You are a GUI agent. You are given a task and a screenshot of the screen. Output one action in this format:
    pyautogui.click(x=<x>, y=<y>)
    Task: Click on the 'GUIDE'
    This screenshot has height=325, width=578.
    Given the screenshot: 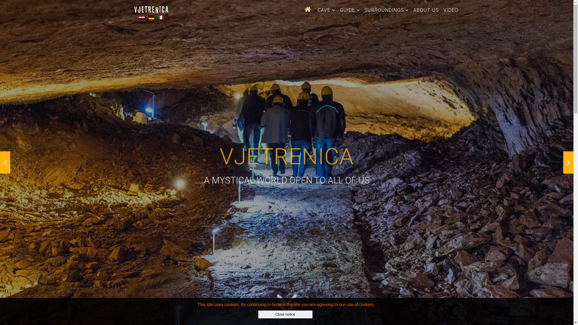 What is the action you would take?
    pyautogui.click(x=350, y=10)
    